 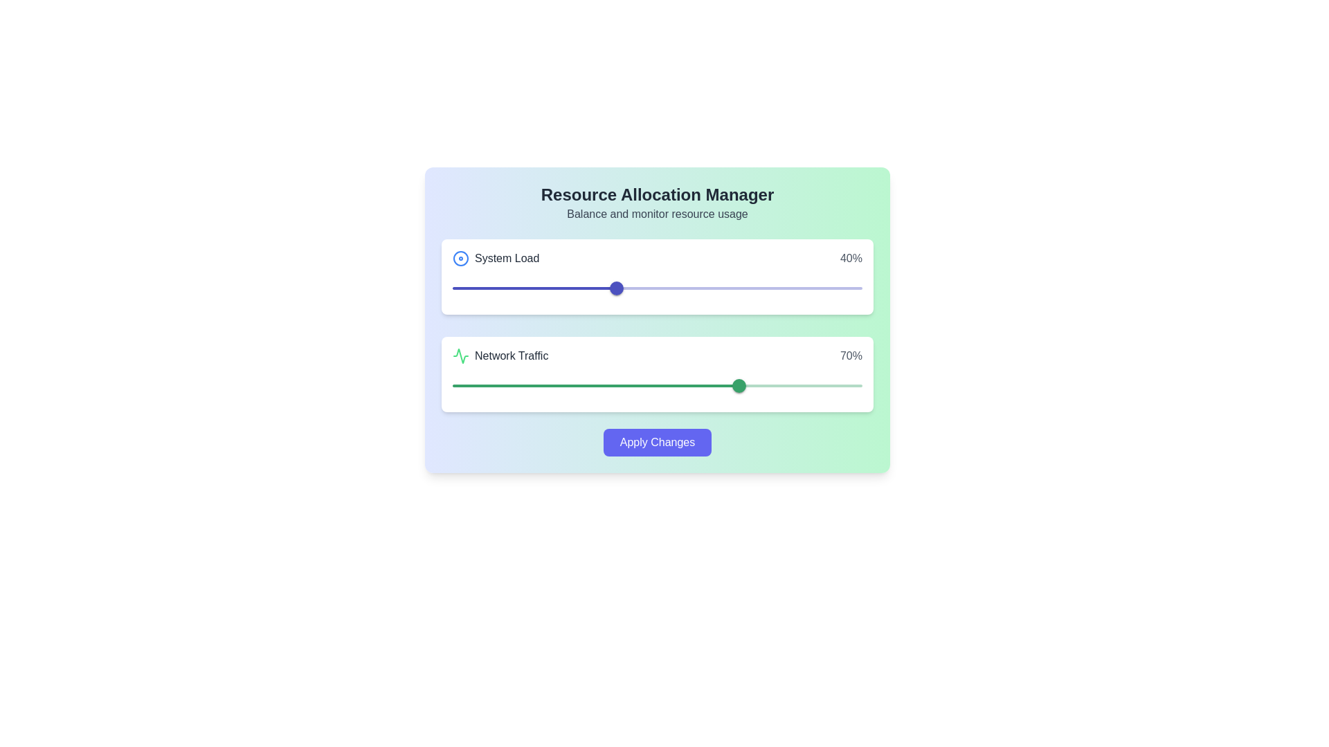 What do you see at coordinates (657, 287) in the screenshot?
I see `the Slider Rail of the 'System Load' metric, which is positioned horizontally across the slider bar and is located slightly above the red slider track` at bounding box center [657, 287].